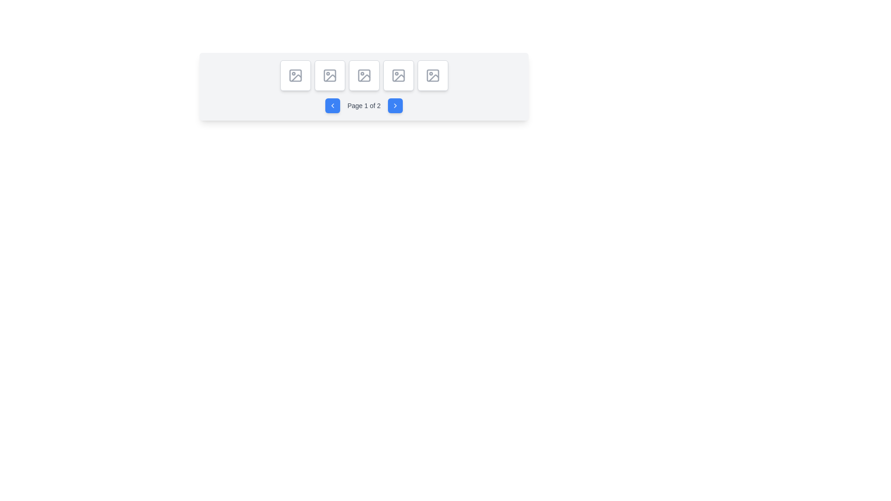  I want to click on the first selectable button in the horizontal grid located in the navigation bar, so click(295, 75).